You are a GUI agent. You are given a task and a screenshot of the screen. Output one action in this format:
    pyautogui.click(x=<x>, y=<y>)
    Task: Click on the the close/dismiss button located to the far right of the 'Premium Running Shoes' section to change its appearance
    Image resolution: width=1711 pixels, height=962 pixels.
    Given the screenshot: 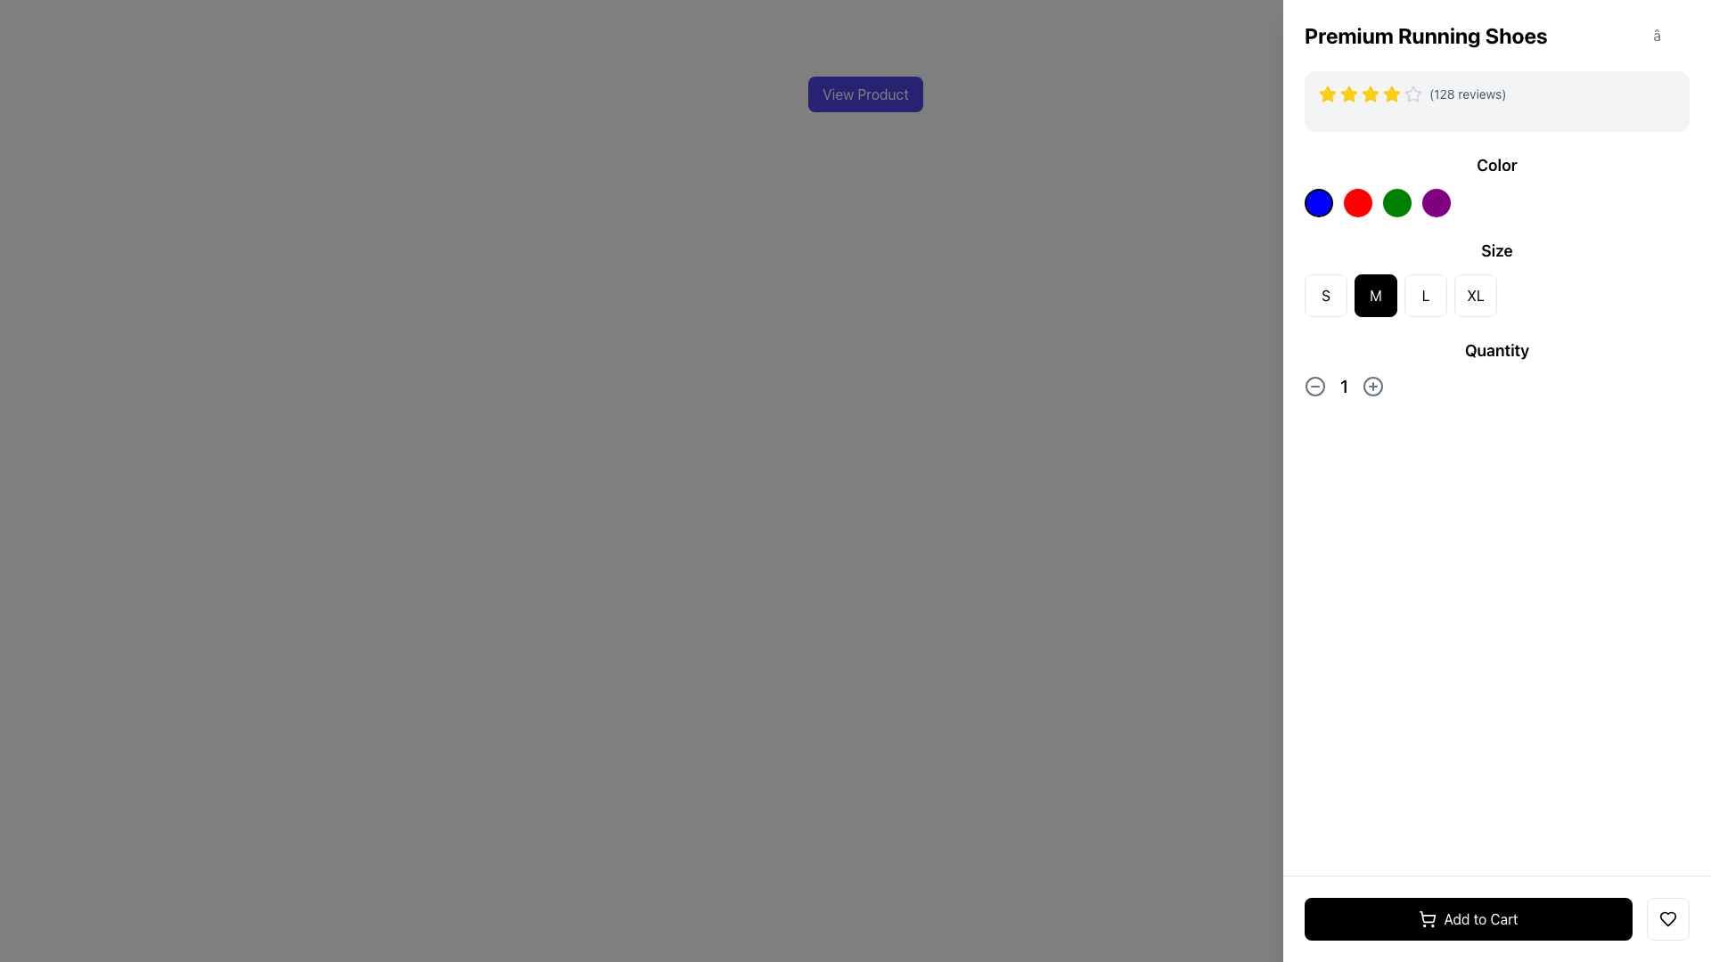 What is the action you would take?
    pyautogui.click(x=1670, y=35)
    